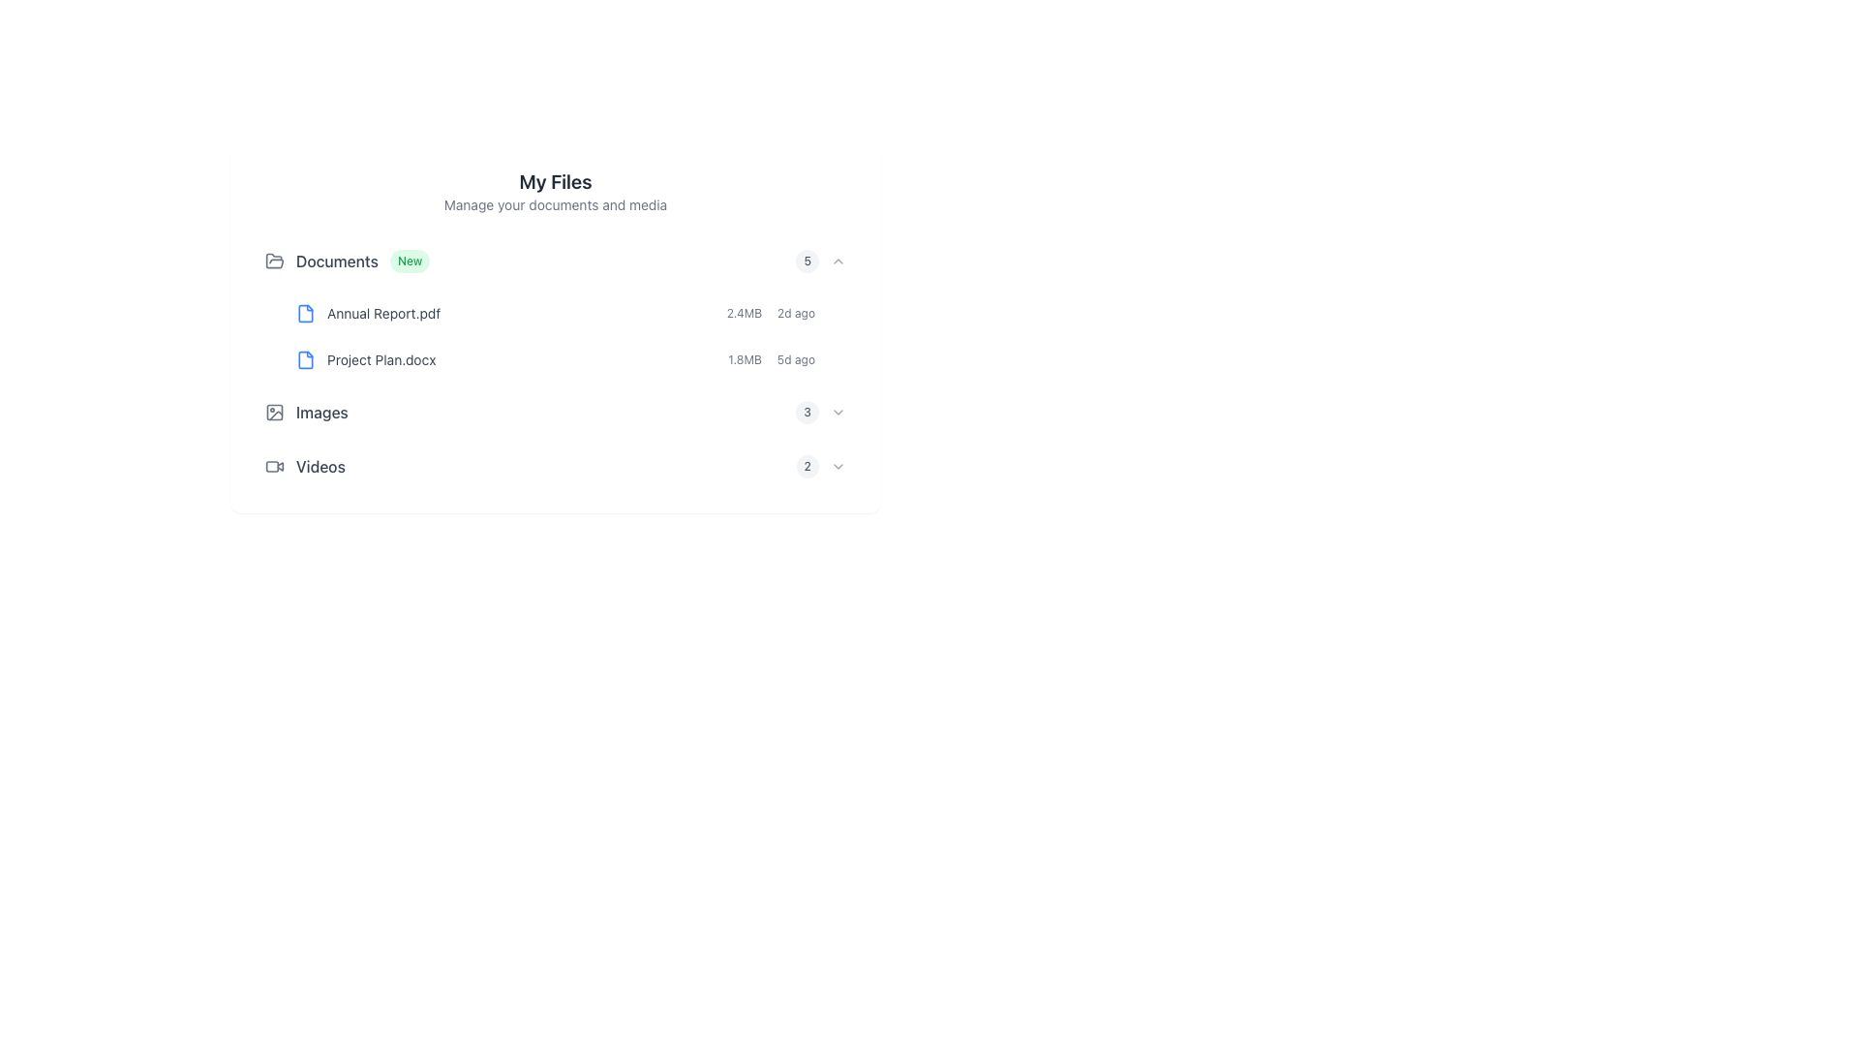  I want to click on the text label representing the file titled 'Project Plan.docx' located under the 'Documents' section, next to a blue file icon, so click(381, 359).